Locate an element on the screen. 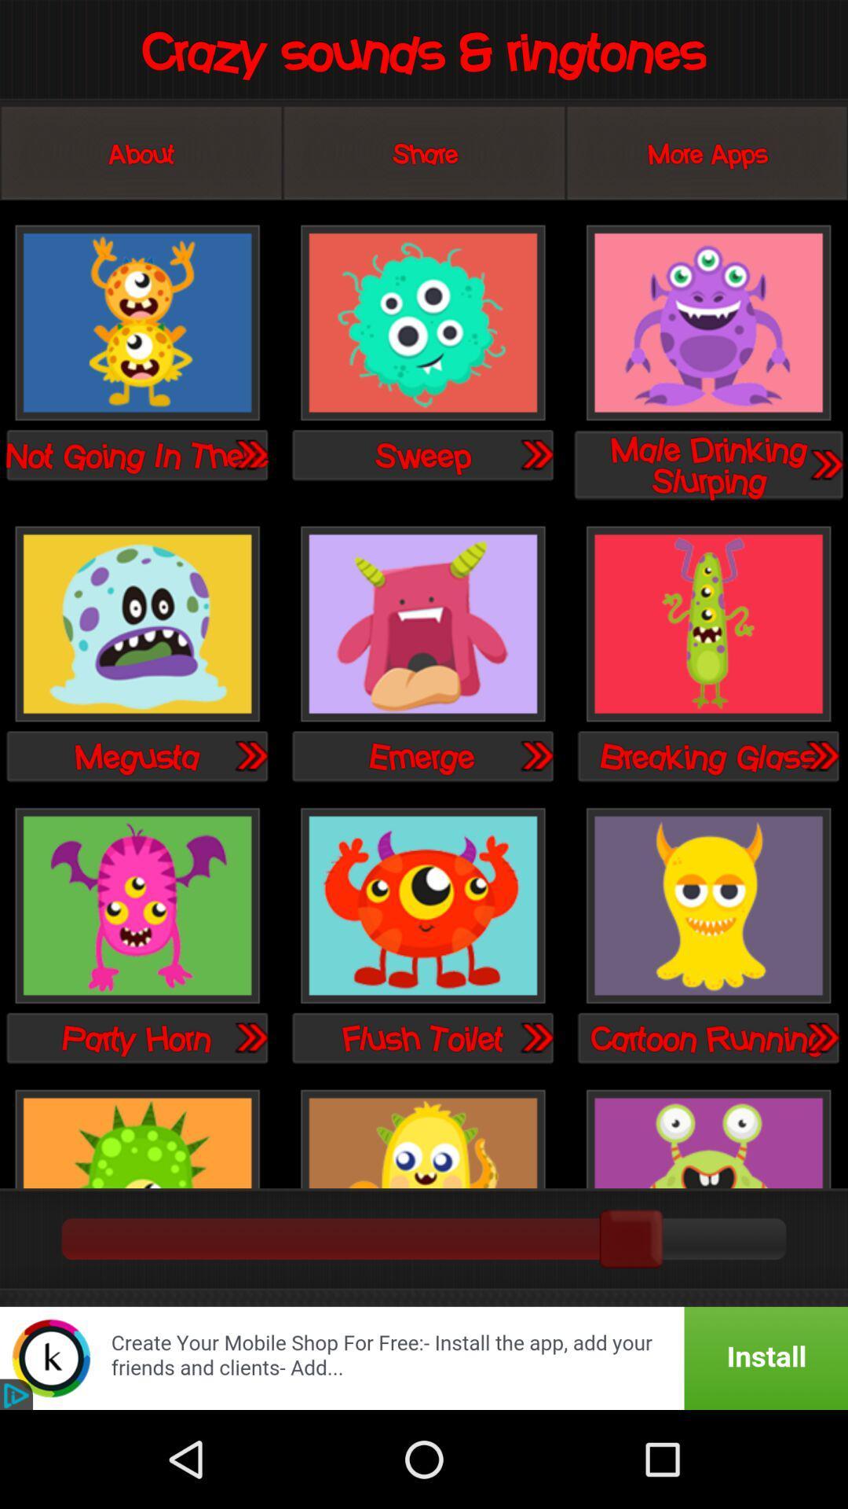  open breaking glass is located at coordinates (821, 755).